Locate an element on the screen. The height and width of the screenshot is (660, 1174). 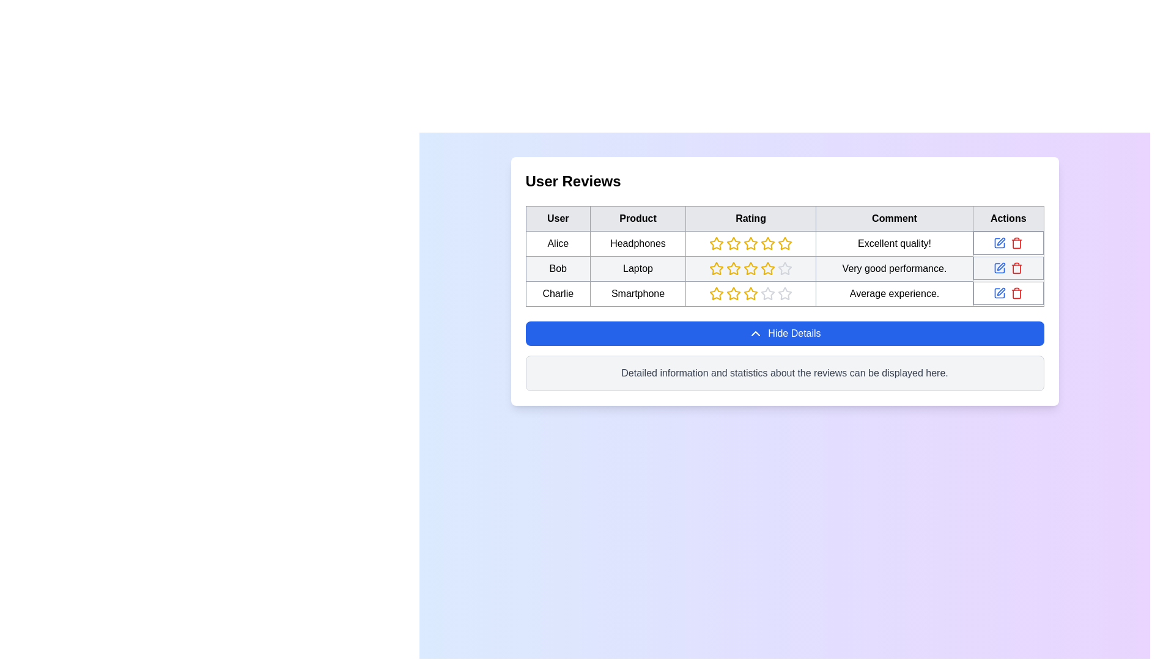
the third star icon with a yellow outline in the last row of the rating column to reflect a rating for the 'Charlie' user entry is located at coordinates (750, 293).